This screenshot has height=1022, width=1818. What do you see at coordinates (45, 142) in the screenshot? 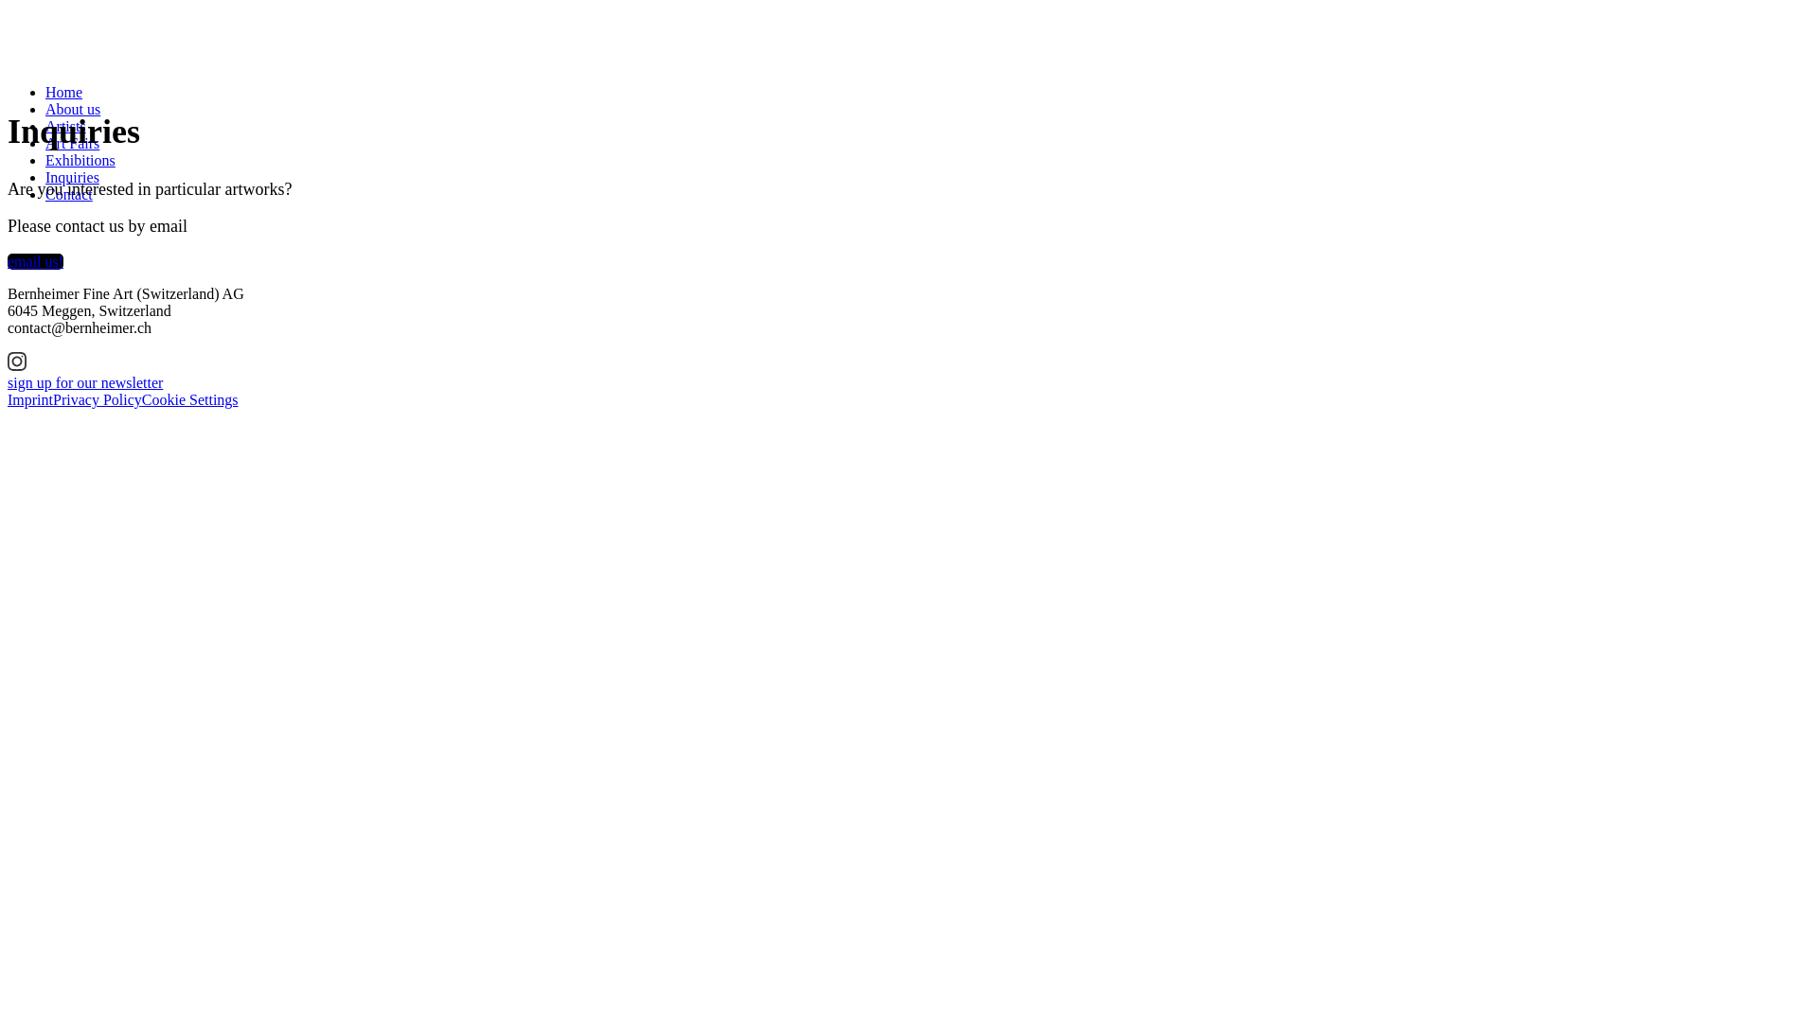
I see `'Art Fairs'` at bounding box center [45, 142].